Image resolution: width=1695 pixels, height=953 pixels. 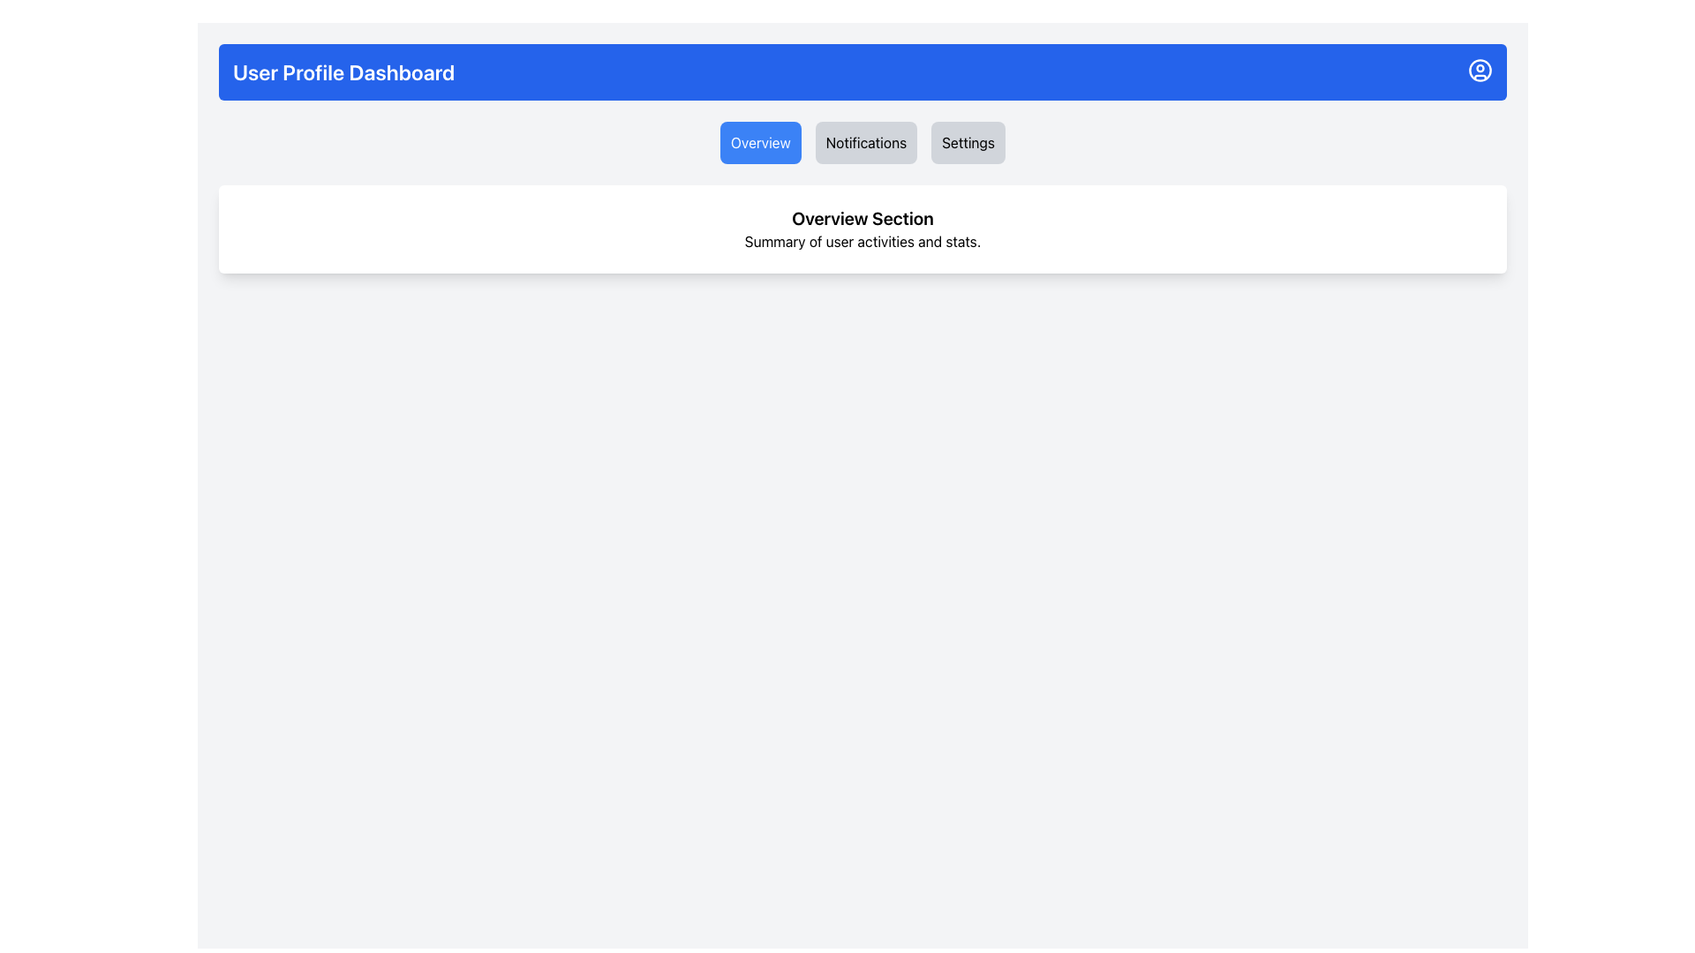 I want to click on the 'Overview' button located to the left of the 'Notifications' and 'Settings' buttons in the 'User Profile Dashboard' section, so click(x=760, y=142).